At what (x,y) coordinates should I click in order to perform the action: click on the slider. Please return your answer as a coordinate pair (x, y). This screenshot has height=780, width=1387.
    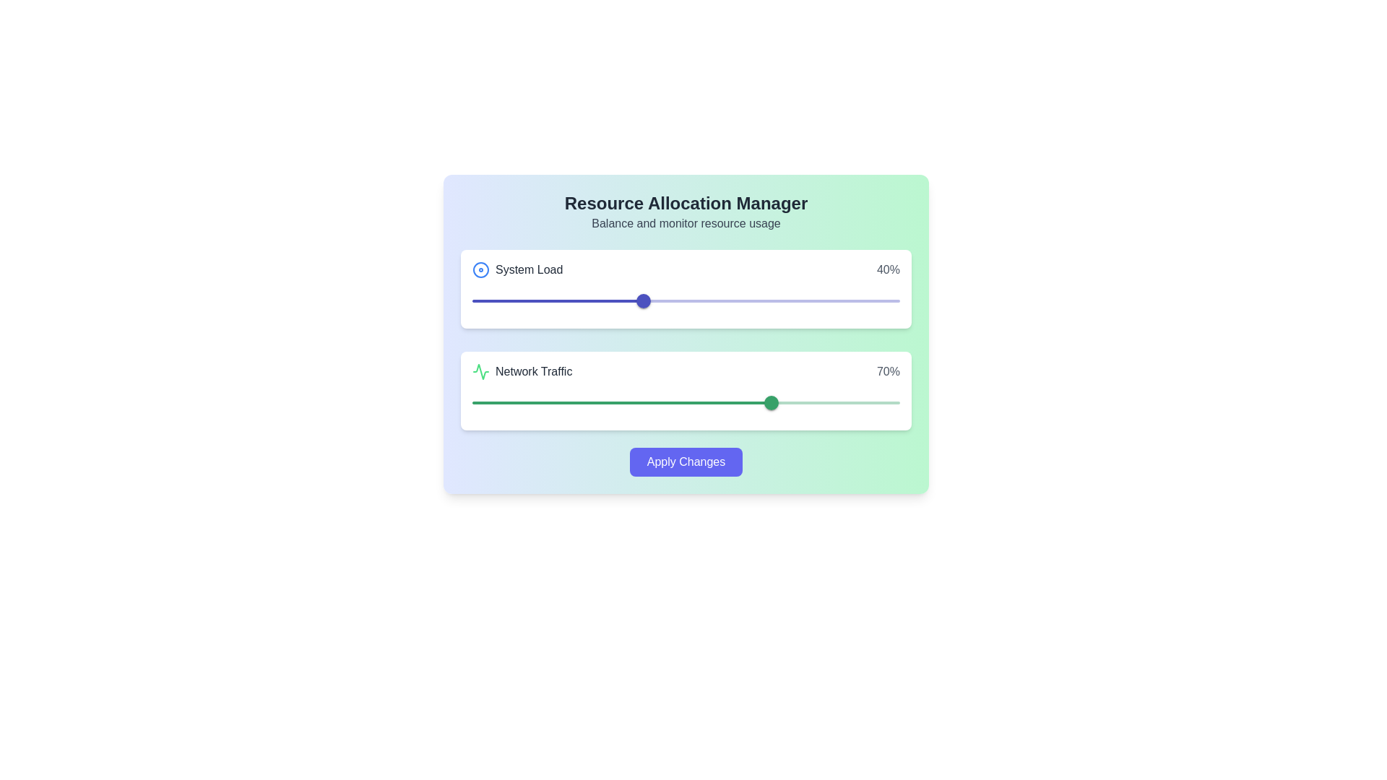
    Looking at the image, I should click on (671, 300).